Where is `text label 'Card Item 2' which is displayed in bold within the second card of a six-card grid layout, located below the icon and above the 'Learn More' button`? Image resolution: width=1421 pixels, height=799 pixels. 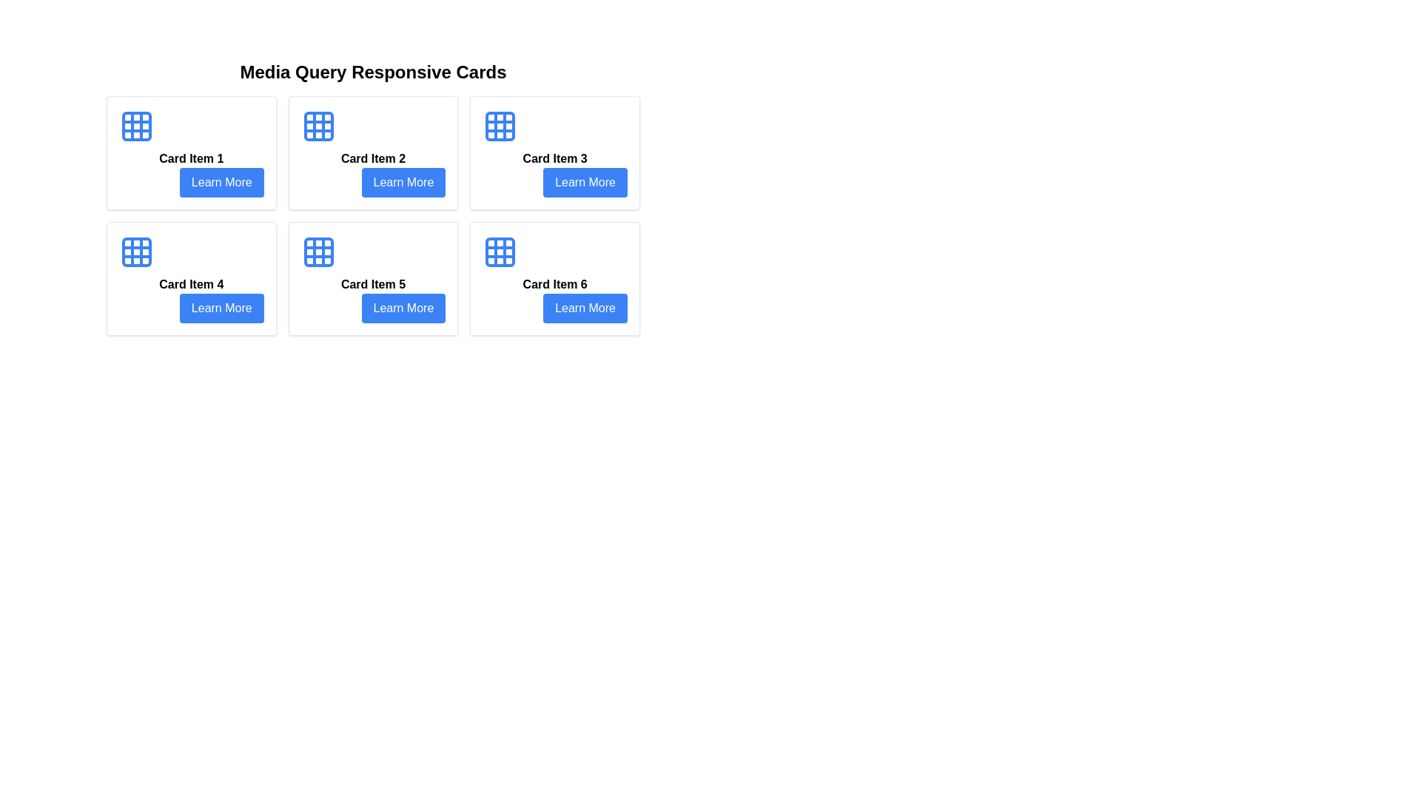 text label 'Card Item 2' which is displayed in bold within the second card of a six-card grid layout, located below the icon and above the 'Learn More' button is located at coordinates (373, 159).